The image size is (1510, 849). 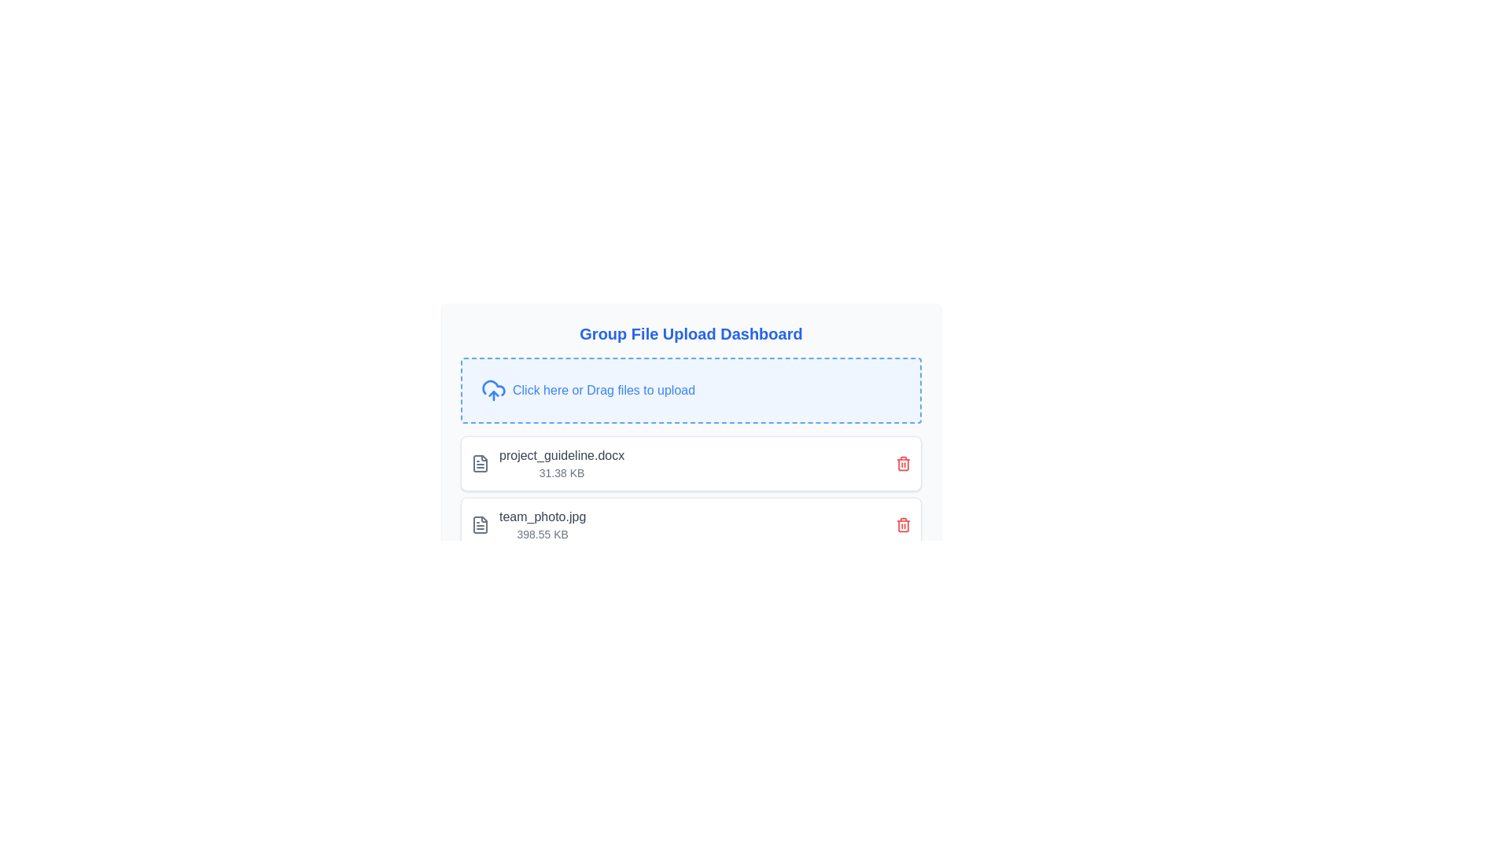 I want to click on the clickable label with integrated icon located under the 'Group File Upload Dashboard' heading to receive visual feedback, so click(x=691, y=390).